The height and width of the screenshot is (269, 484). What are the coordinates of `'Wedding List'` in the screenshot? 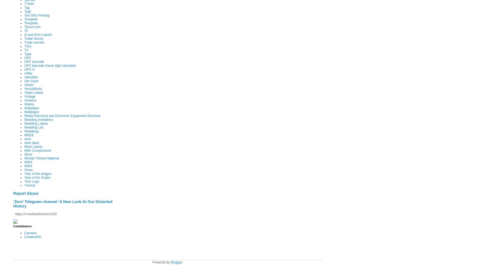 It's located at (33, 127).